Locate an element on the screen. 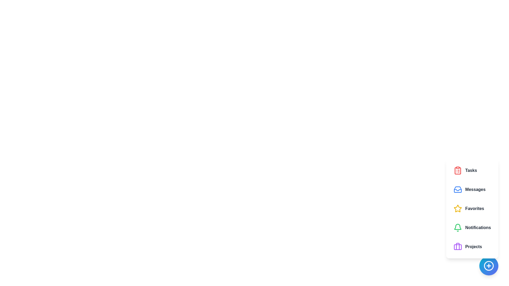 The width and height of the screenshot is (509, 286). the button labeled Tasks to observe visual feedback is located at coordinates (472, 171).